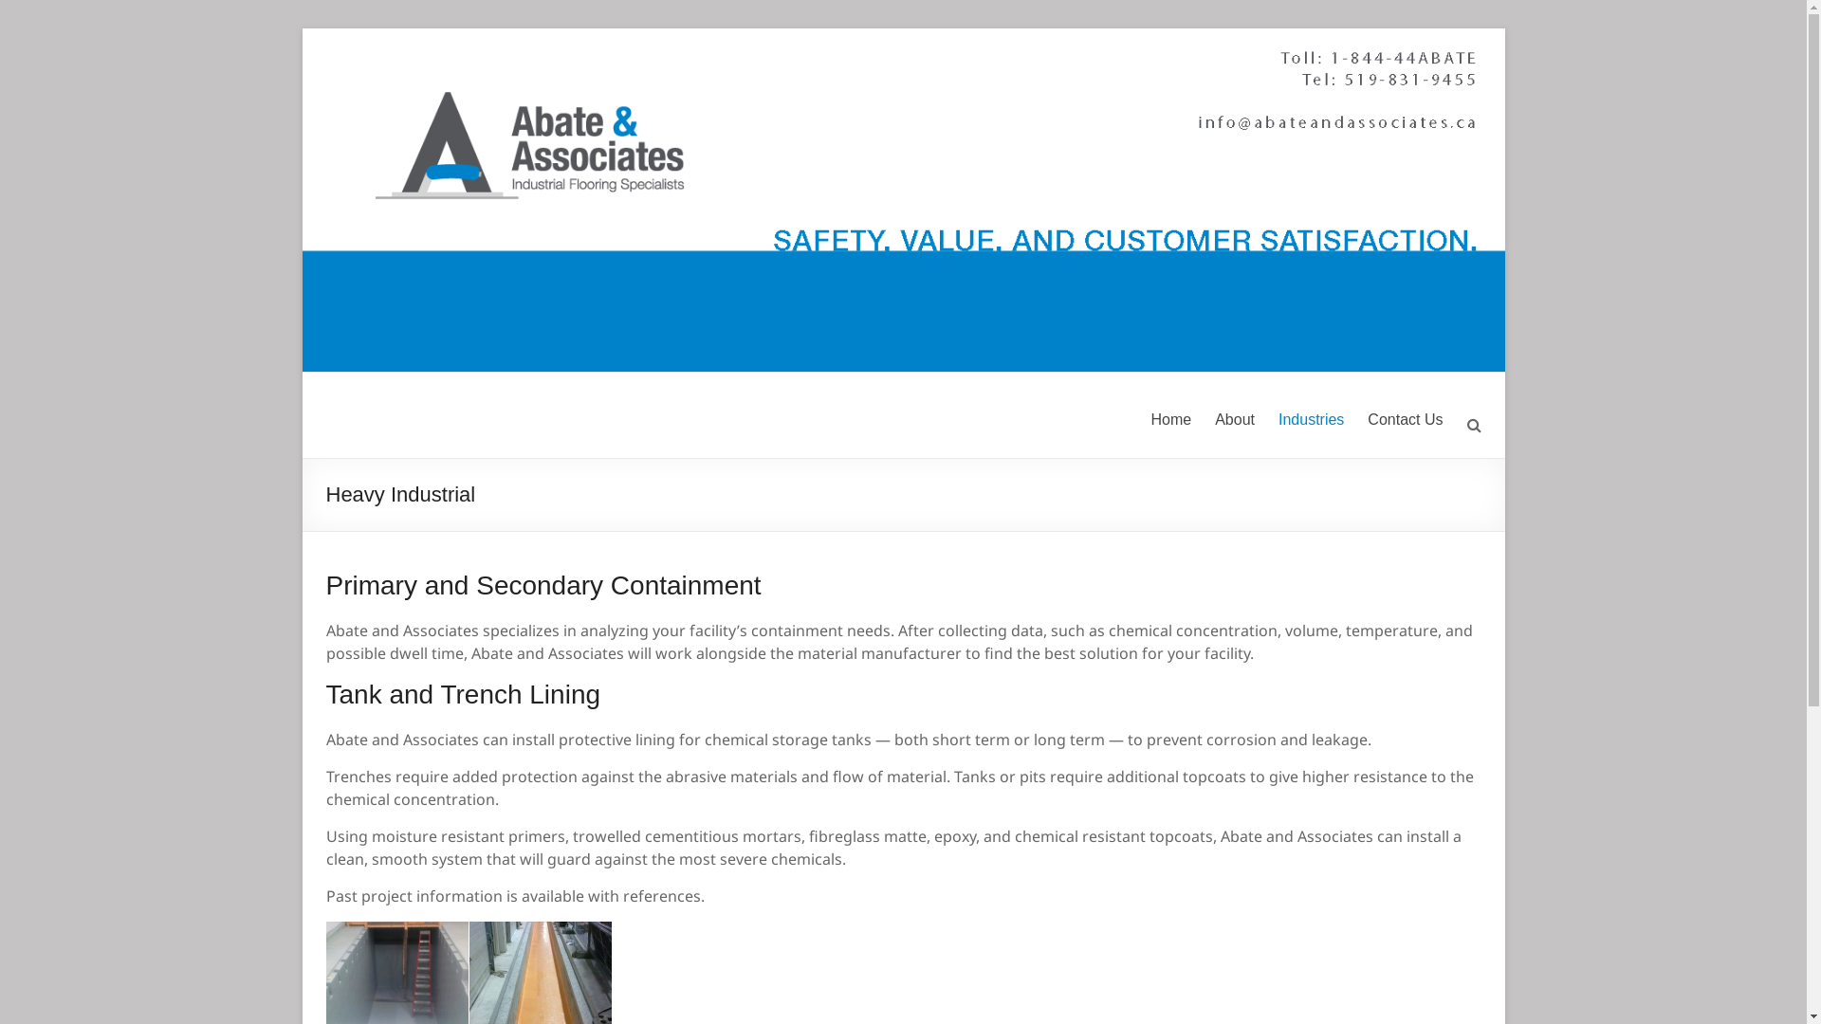 This screenshot has height=1024, width=1821. What do you see at coordinates (1234, 419) in the screenshot?
I see `'About'` at bounding box center [1234, 419].